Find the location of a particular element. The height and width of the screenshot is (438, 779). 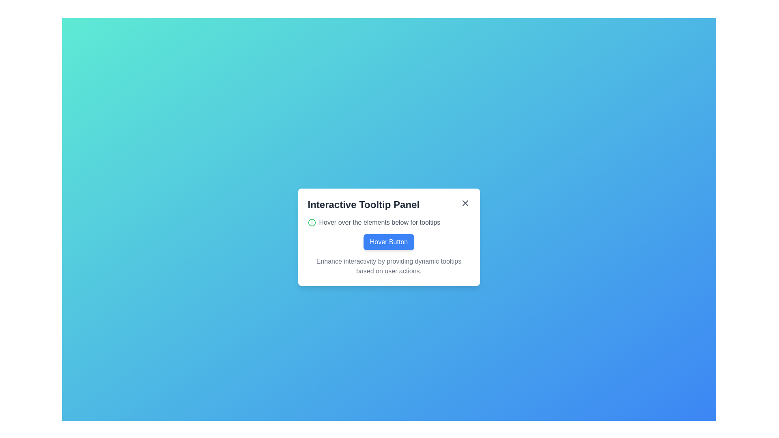

the close button in the top-right corner of the 'Interactive Tooltip Panel' is located at coordinates (465, 203).